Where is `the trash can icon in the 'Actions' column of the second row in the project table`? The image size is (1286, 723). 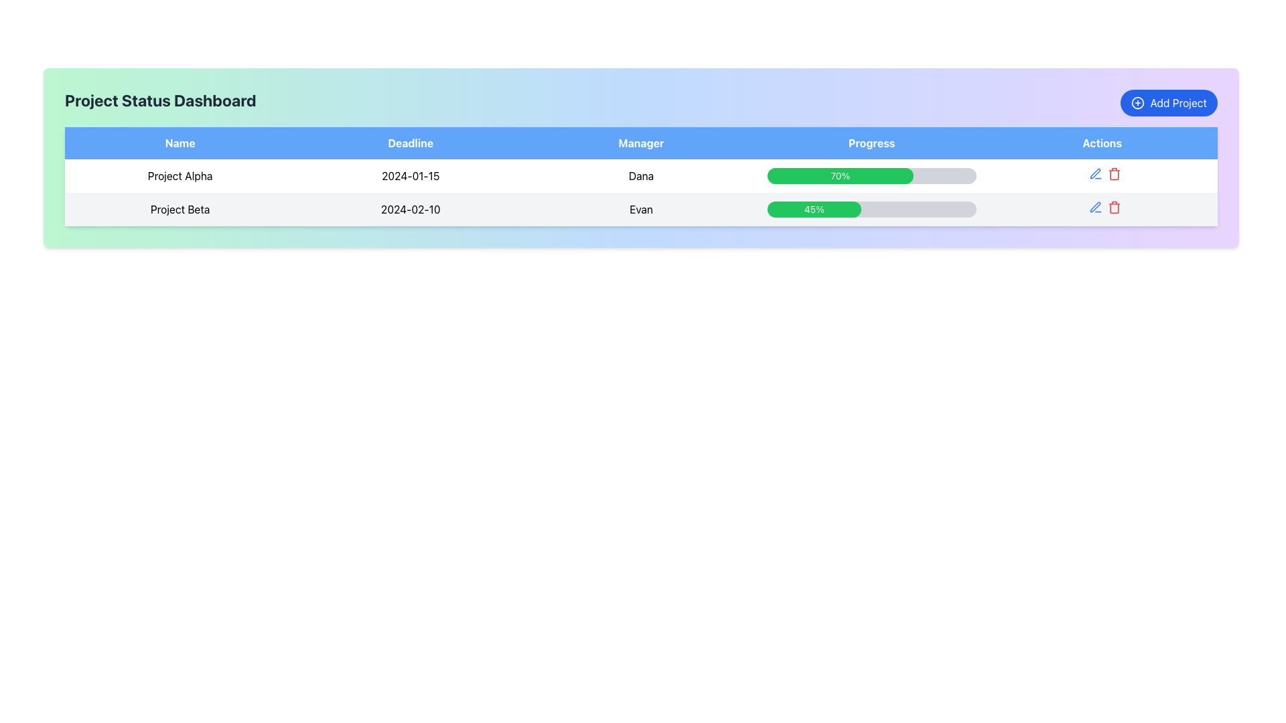 the trash can icon in the 'Actions' column of the second row in the project table is located at coordinates (1114, 208).